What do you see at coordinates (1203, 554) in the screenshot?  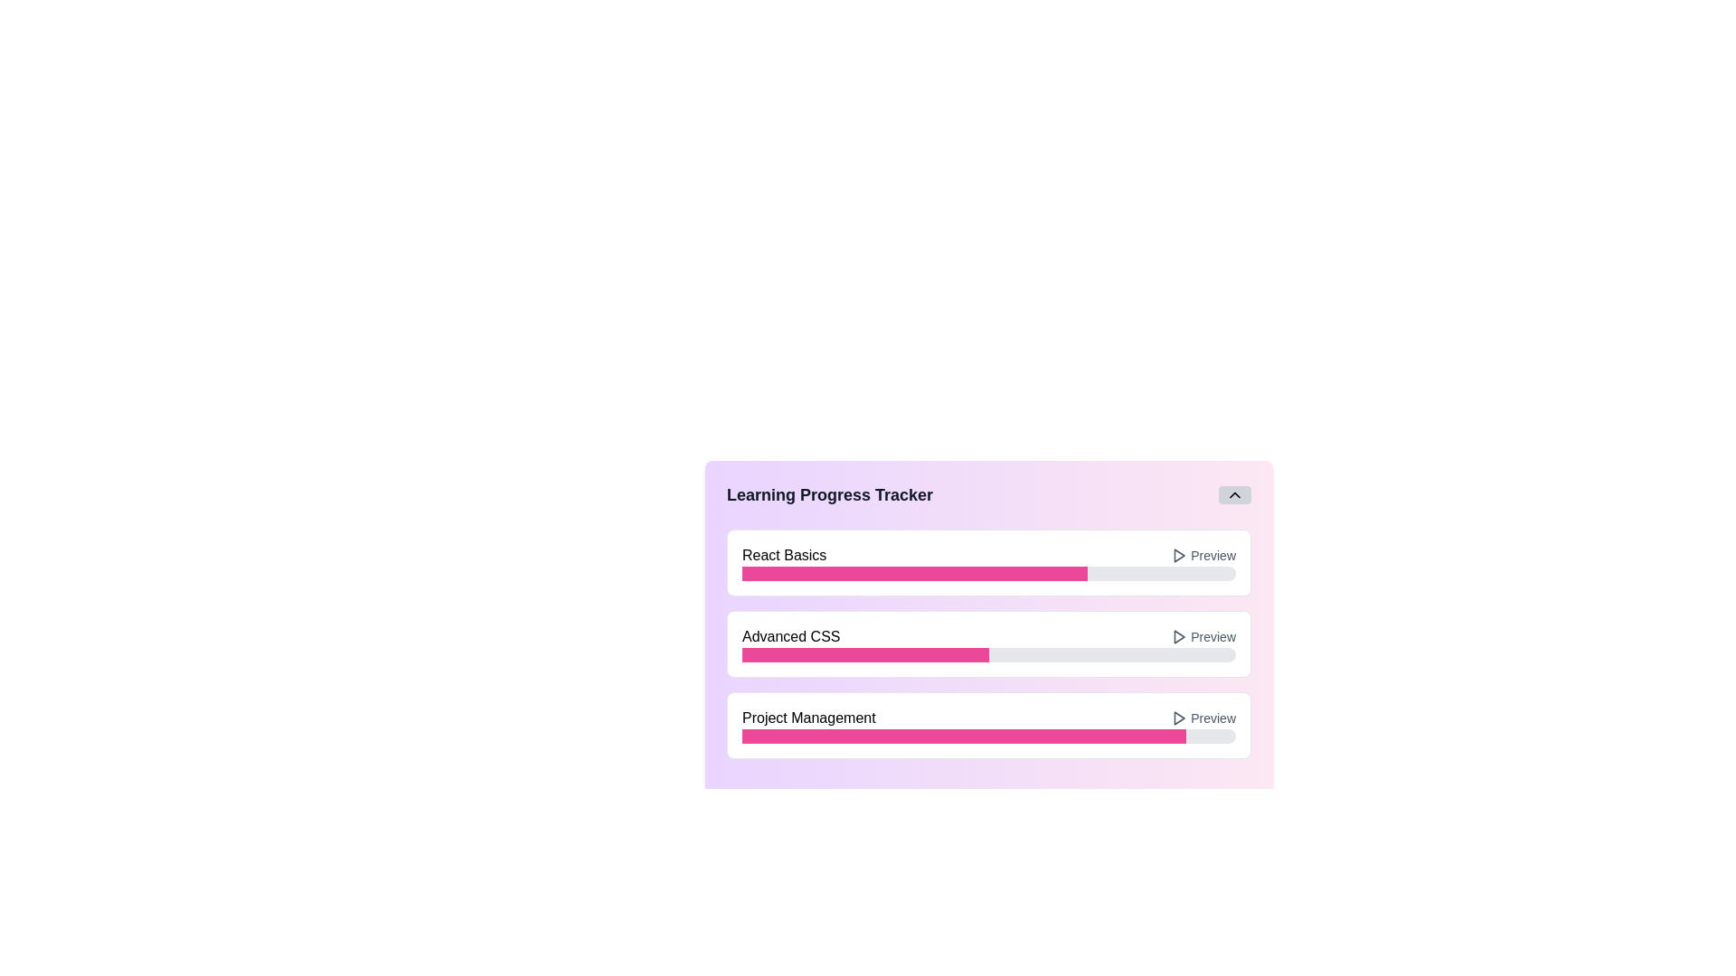 I see `the interactive button with an icon and label for the 'React Basics' course` at bounding box center [1203, 554].